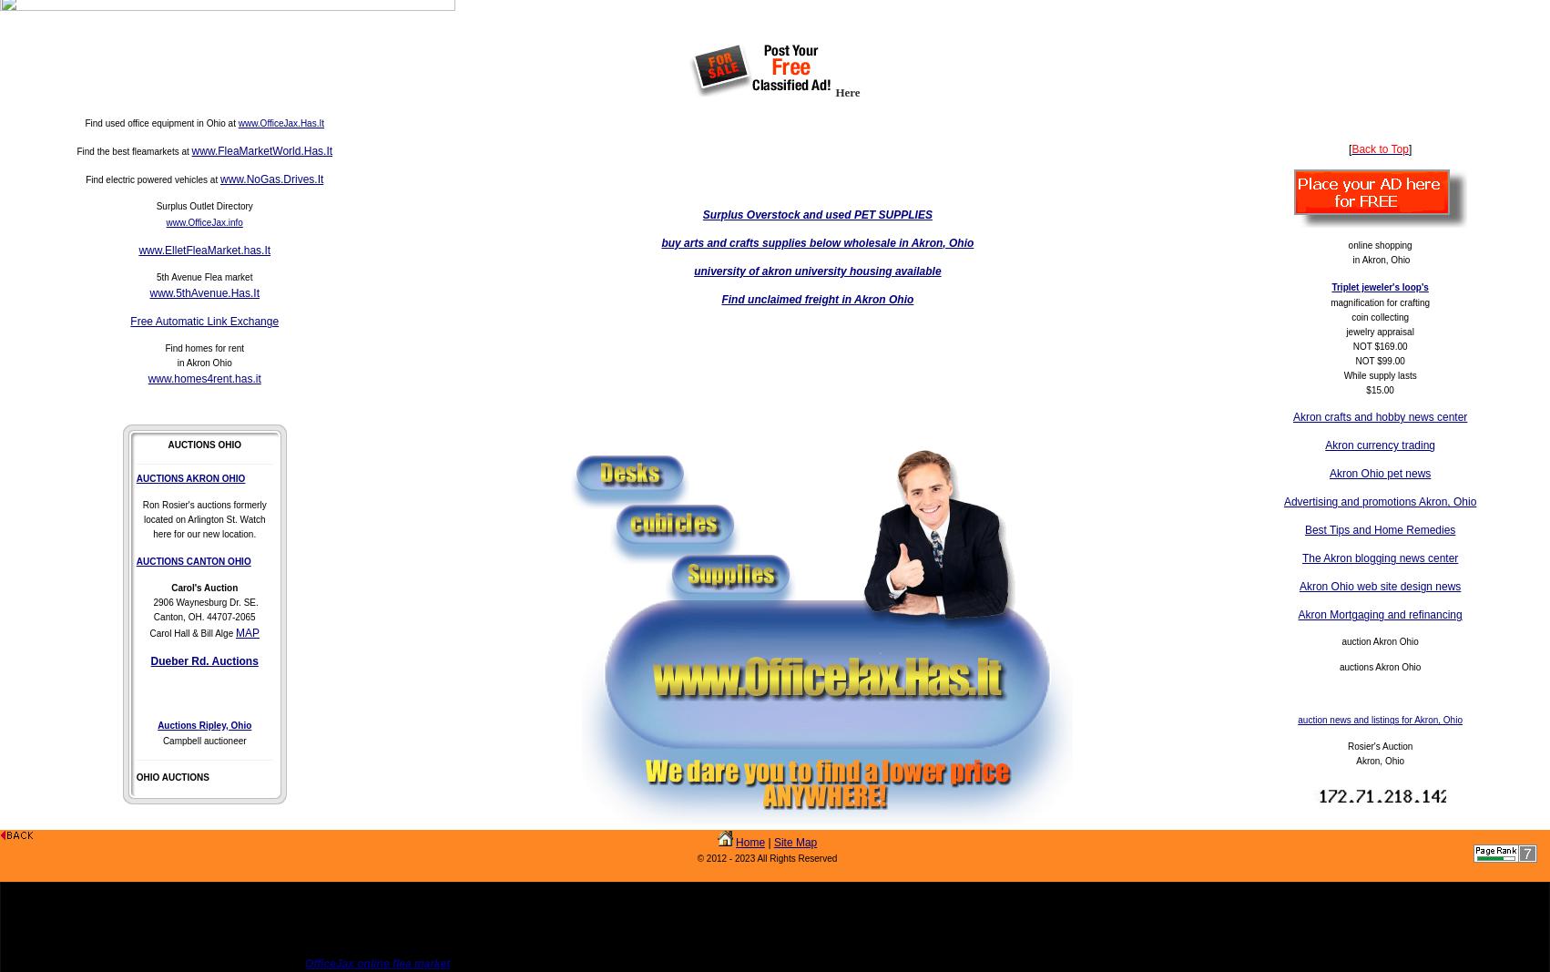 The height and width of the screenshot is (972, 1550). Describe the element at coordinates (192, 561) in the screenshot. I see `'AUCTIONS CANTON OHIO'` at that location.